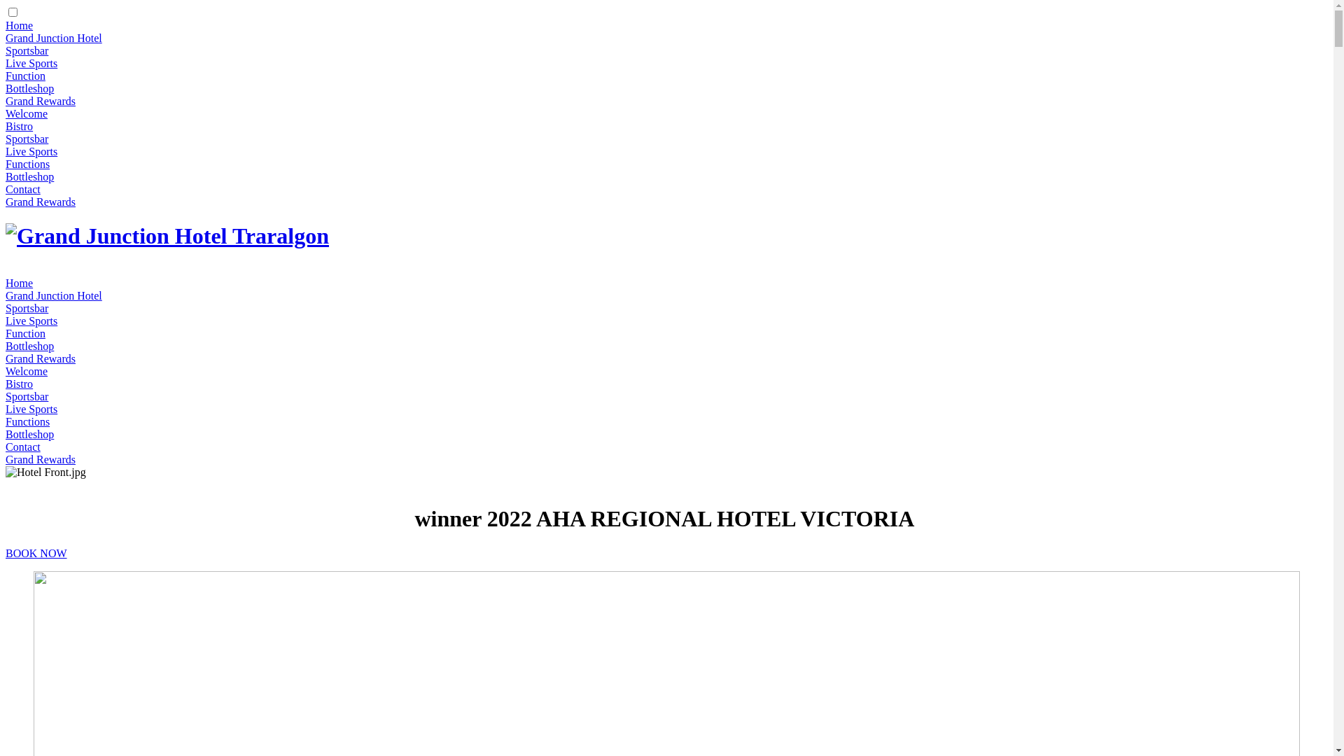 This screenshot has width=1344, height=756. What do you see at coordinates (6, 433) in the screenshot?
I see `'Bottleshop'` at bounding box center [6, 433].